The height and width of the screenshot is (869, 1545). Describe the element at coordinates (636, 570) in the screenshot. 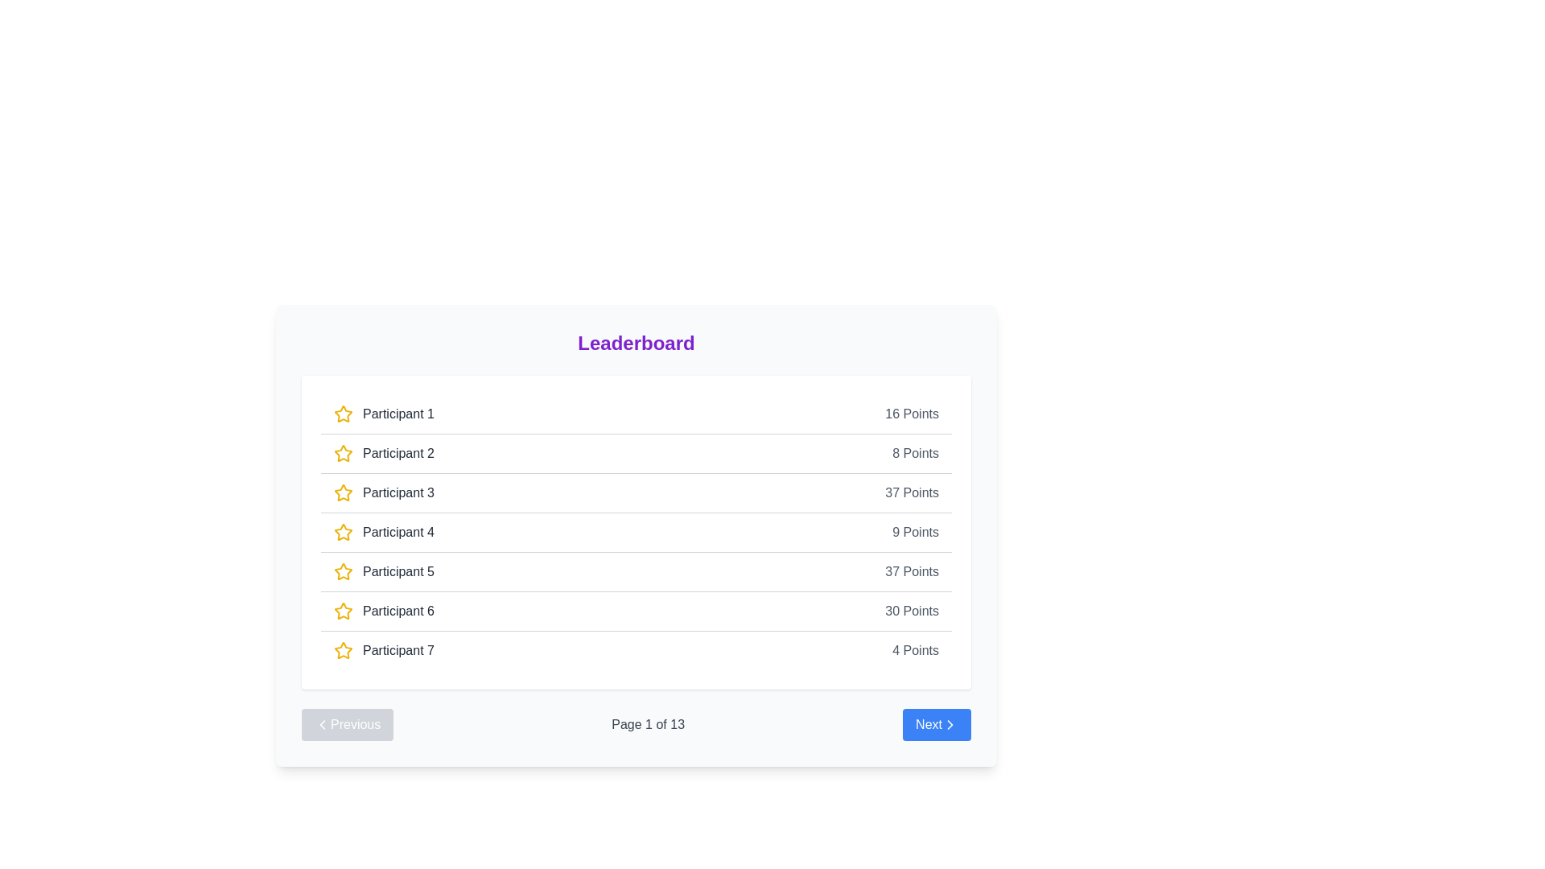

I see `the score of the participant in the fifth row of the leaderboard, which displays their name and score` at that location.